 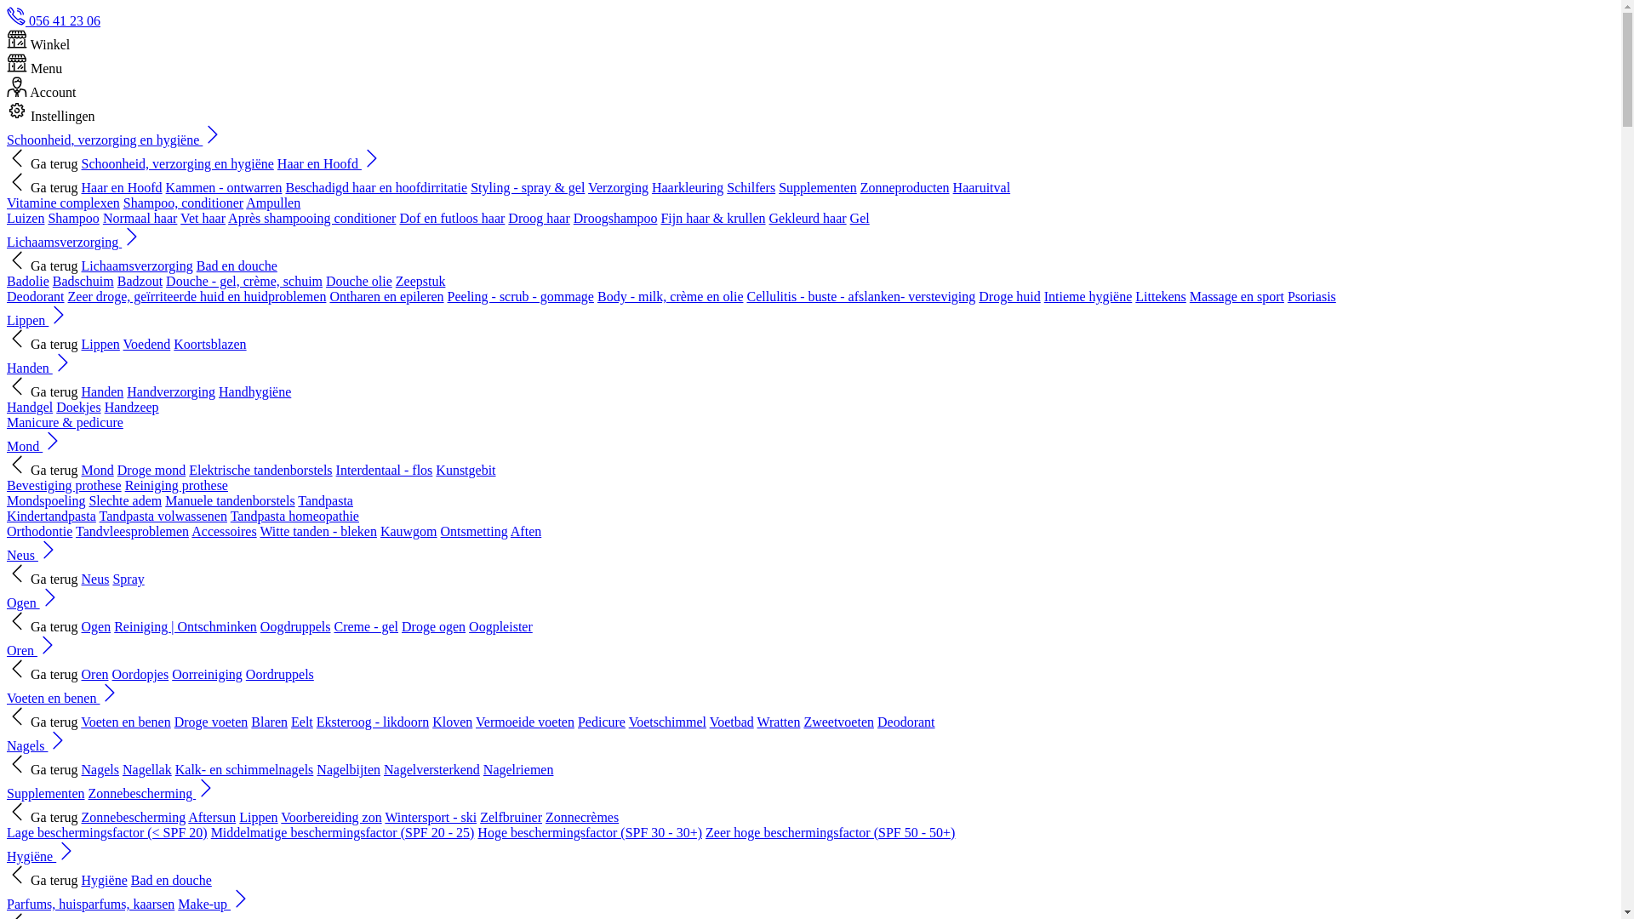 I want to click on 'Oogdruppels', so click(x=295, y=626).